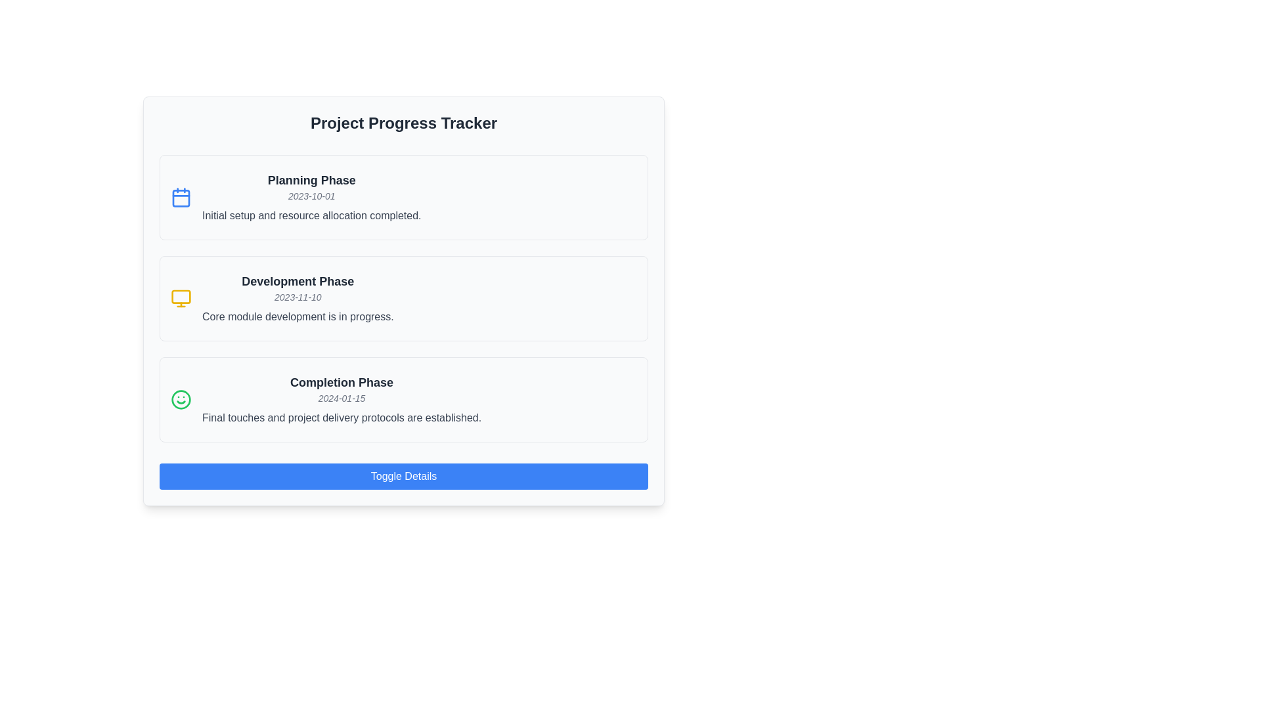 The height and width of the screenshot is (709, 1261). I want to click on the small rectangular graphical decorative element within the calendar icon located in the 'Planning Phase' section of the interface, so click(180, 198).